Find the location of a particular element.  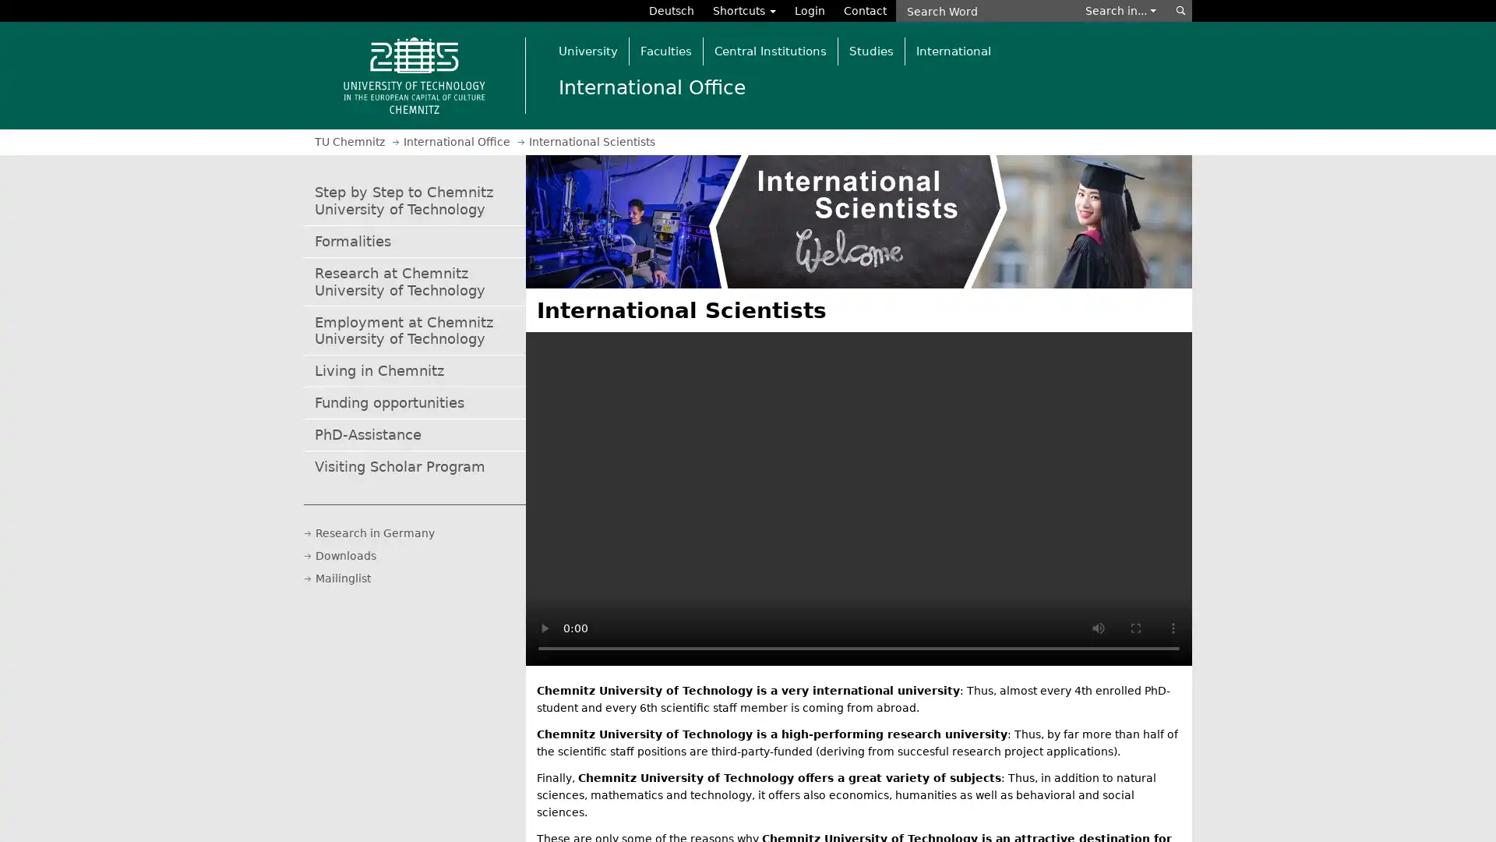

Central Institutions is located at coordinates (770, 50).